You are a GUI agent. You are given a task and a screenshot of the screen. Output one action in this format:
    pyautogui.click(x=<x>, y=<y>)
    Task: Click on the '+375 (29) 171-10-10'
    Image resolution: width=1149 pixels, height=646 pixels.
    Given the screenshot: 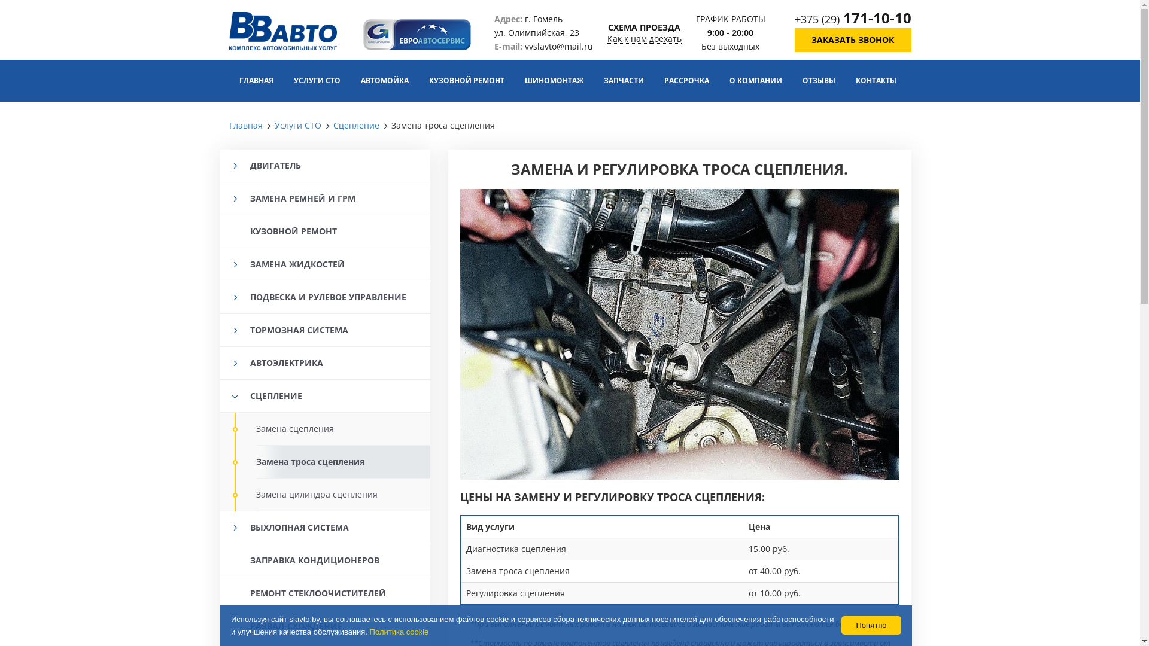 What is the action you would take?
    pyautogui.click(x=852, y=19)
    